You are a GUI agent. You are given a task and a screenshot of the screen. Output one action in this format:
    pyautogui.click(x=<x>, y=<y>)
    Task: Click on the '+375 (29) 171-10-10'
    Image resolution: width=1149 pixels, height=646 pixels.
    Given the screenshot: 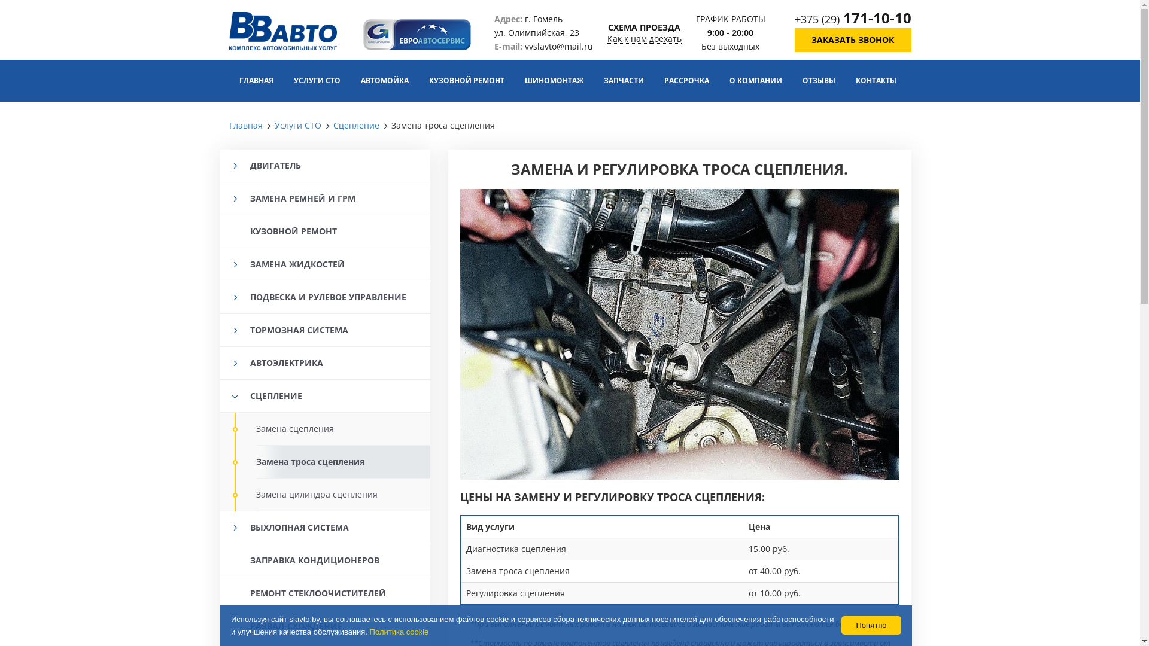 What is the action you would take?
    pyautogui.click(x=852, y=19)
    